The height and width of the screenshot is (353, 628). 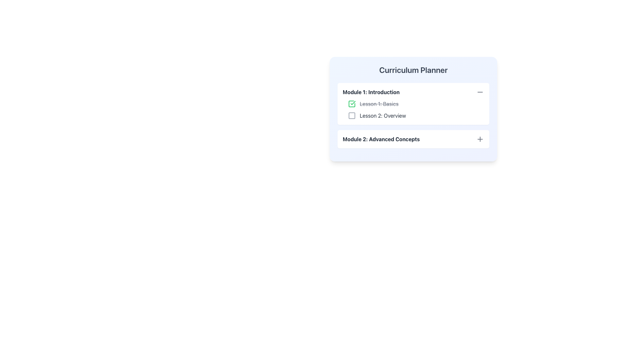 What do you see at coordinates (480, 92) in the screenshot?
I see `the light gray horizontal line toggle button located to the far right of the 'Module 1: Introduction' header in the curriculum planner` at bounding box center [480, 92].